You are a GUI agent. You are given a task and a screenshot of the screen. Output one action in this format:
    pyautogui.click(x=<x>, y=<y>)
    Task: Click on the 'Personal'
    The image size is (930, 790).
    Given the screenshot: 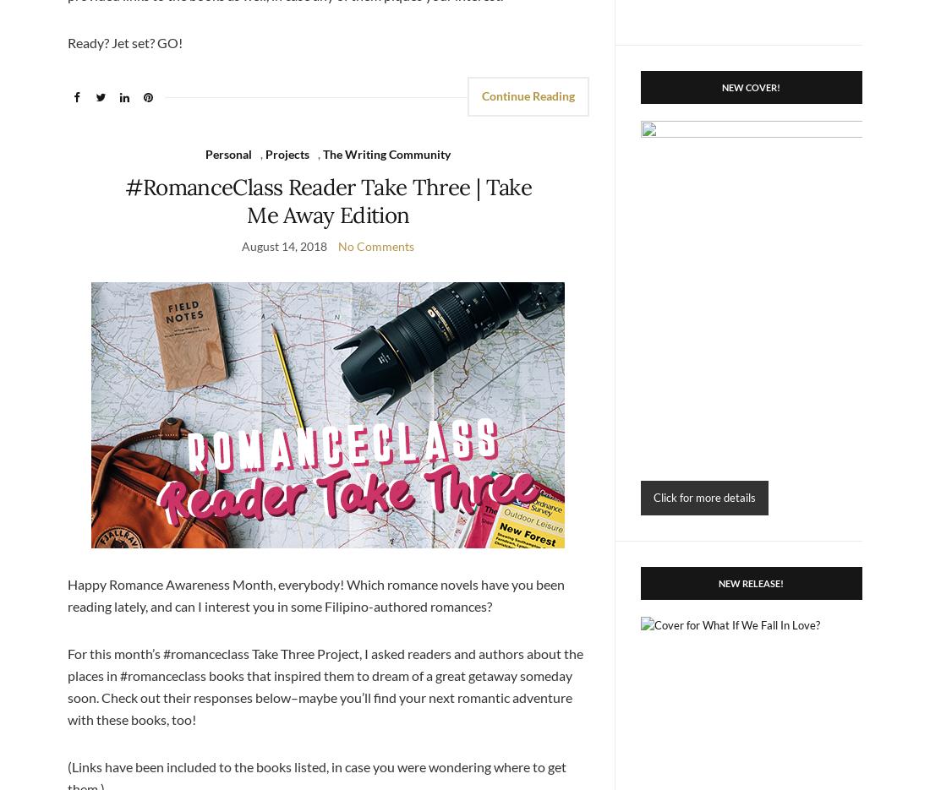 What is the action you would take?
    pyautogui.click(x=228, y=153)
    